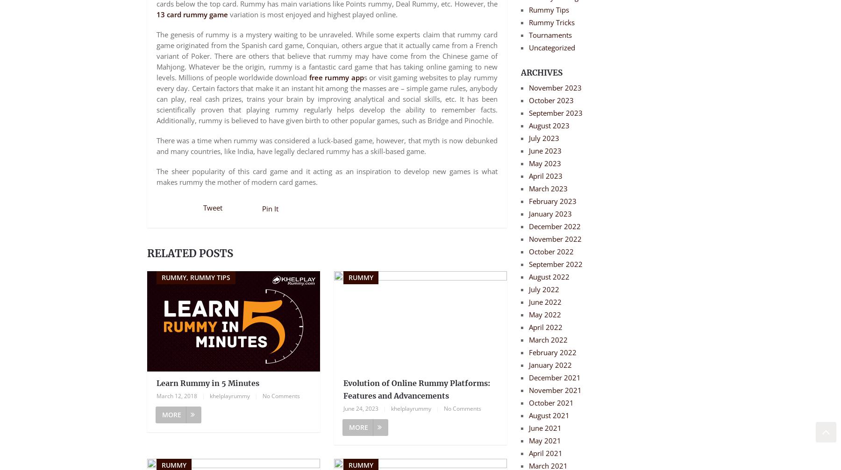 This screenshot has width=841, height=470. I want to click on 's or visit gaming websites to play rummy every day. Certain factors that make it an instant hit among the masses are – simple game rules, anybody can play, real cash prizes, trains your brain by improving analytical and social skills, etc. It has been scientifically proven that playing rummy regularly helps develop the ability to remember facts. Additionally, rummy is believed to have given birth to other popular games, such as Bridge and Pinochle.', so click(326, 98).